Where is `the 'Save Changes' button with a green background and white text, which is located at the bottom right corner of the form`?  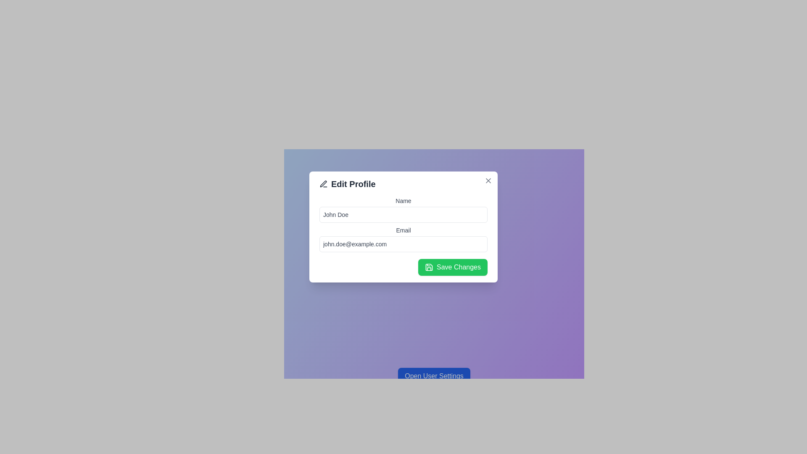
the 'Save Changes' button with a green background and white text, which is located at the bottom right corner of the form is located at coordinates (452, 267).